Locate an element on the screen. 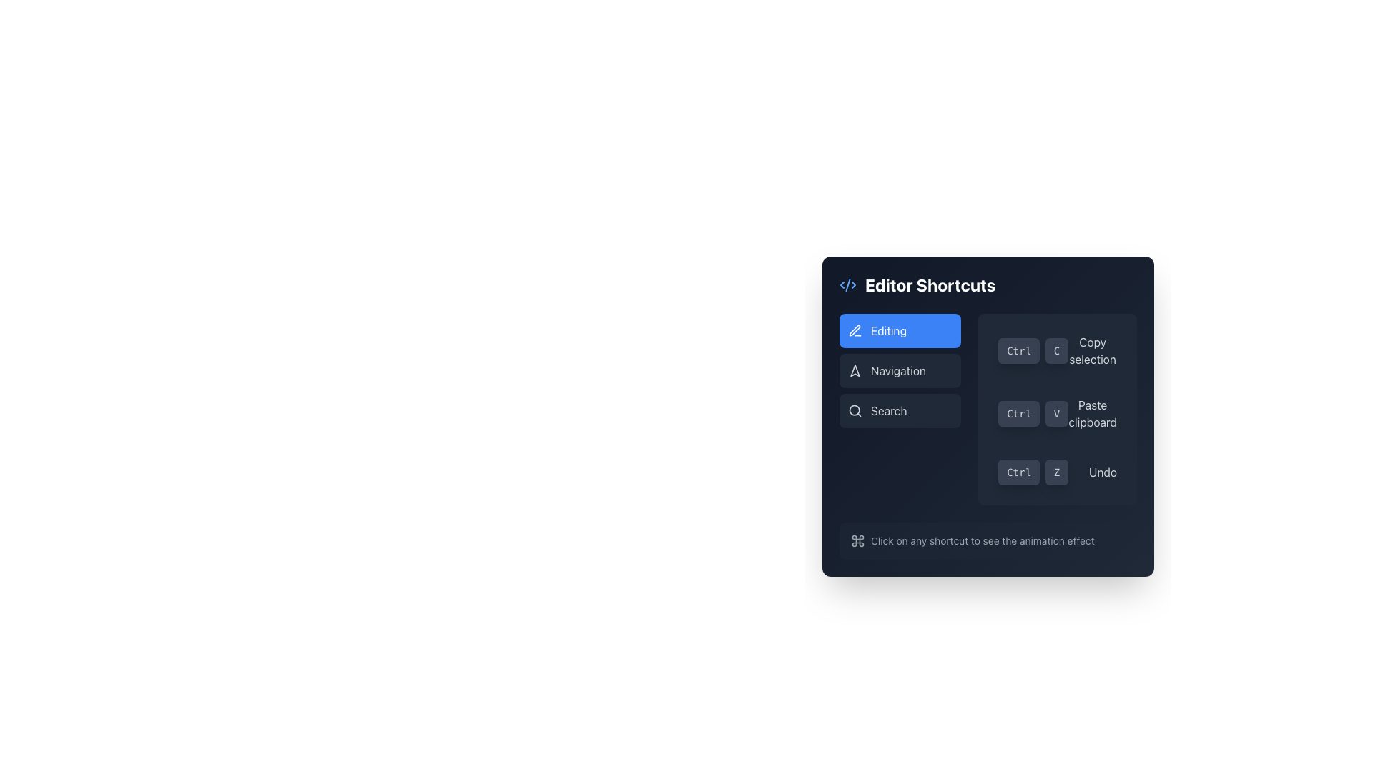 Image resolution: width=1373 pixels, height=772 pixels. the navigation pointer icon located next to the 'Navigation' label within the 'Editor Shortcuts' list is located at coordinates (855, 370).